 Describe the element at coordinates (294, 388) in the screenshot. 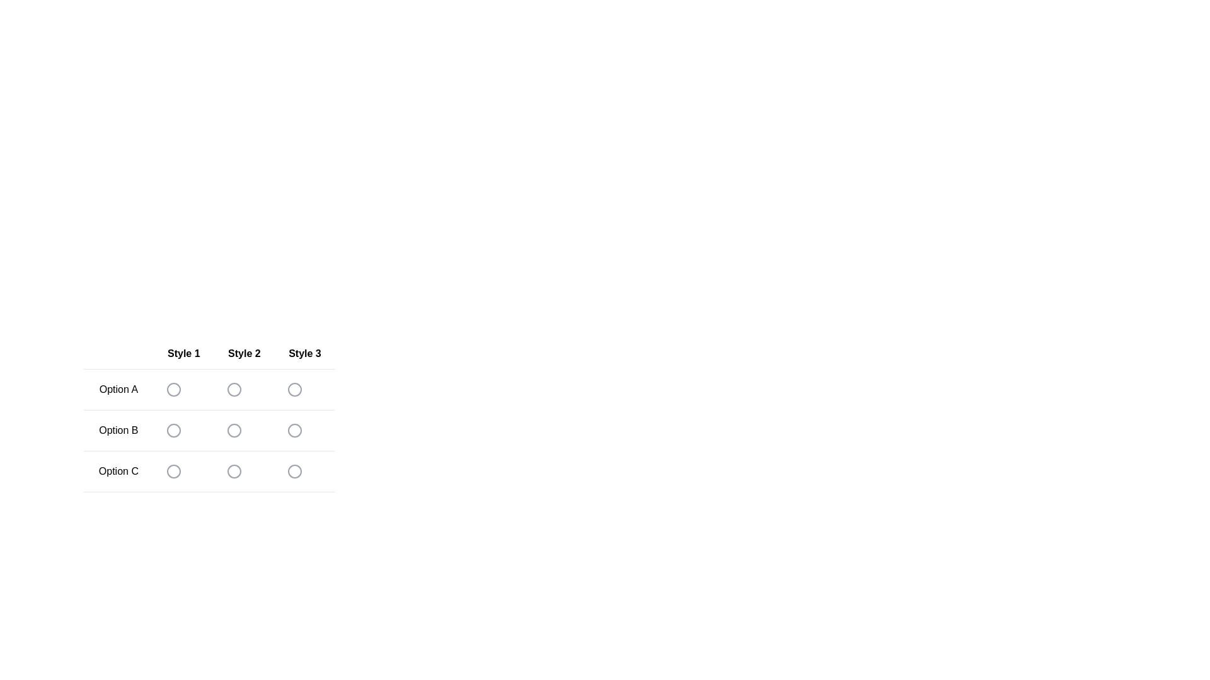

I see `unselected radio button labeled 'Option A' in the 'Style 3' column for accessibility features` at that location.